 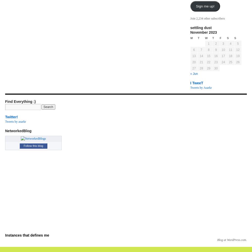 What do you see at coordinates (20, 102) in the screenshot?
I see `'Find Everything :)'` at bounding box center [20, 102].